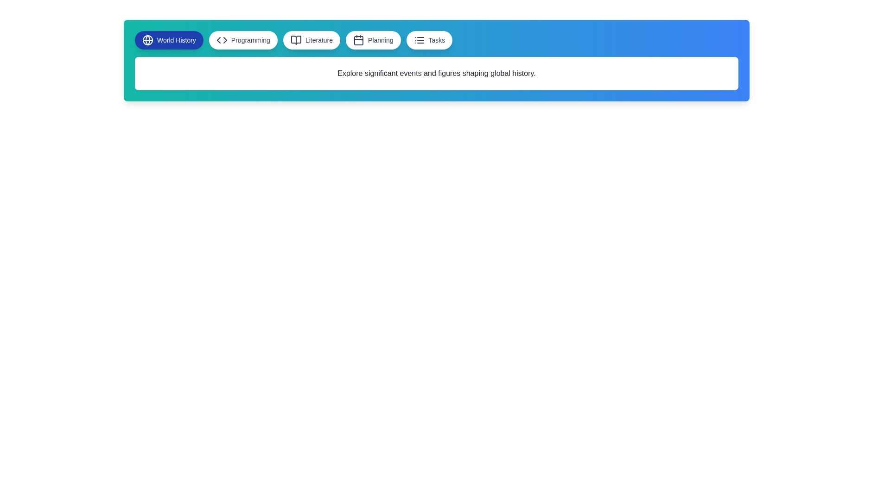 Image resolution: width=890 pixels, height=500 pixels. I want to click on the button labeled World History to observe the hover effect, so click(169, 40).